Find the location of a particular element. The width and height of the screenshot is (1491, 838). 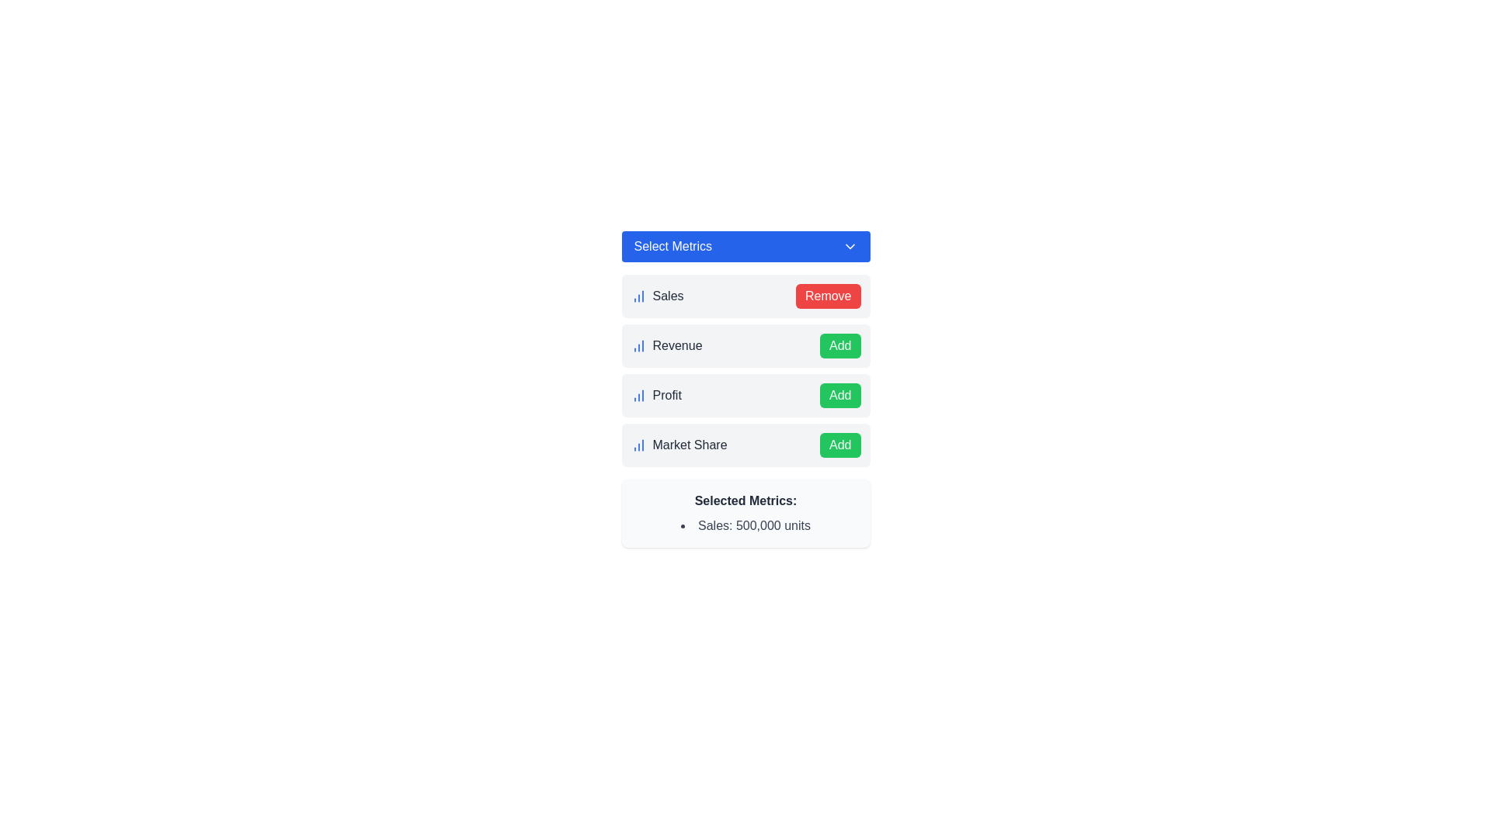

the chart icon representing the 'Profit' metric located to the immediate left of the label text 'Profit' in the third row of the metric selection interface is located at coordinates (638, 394).